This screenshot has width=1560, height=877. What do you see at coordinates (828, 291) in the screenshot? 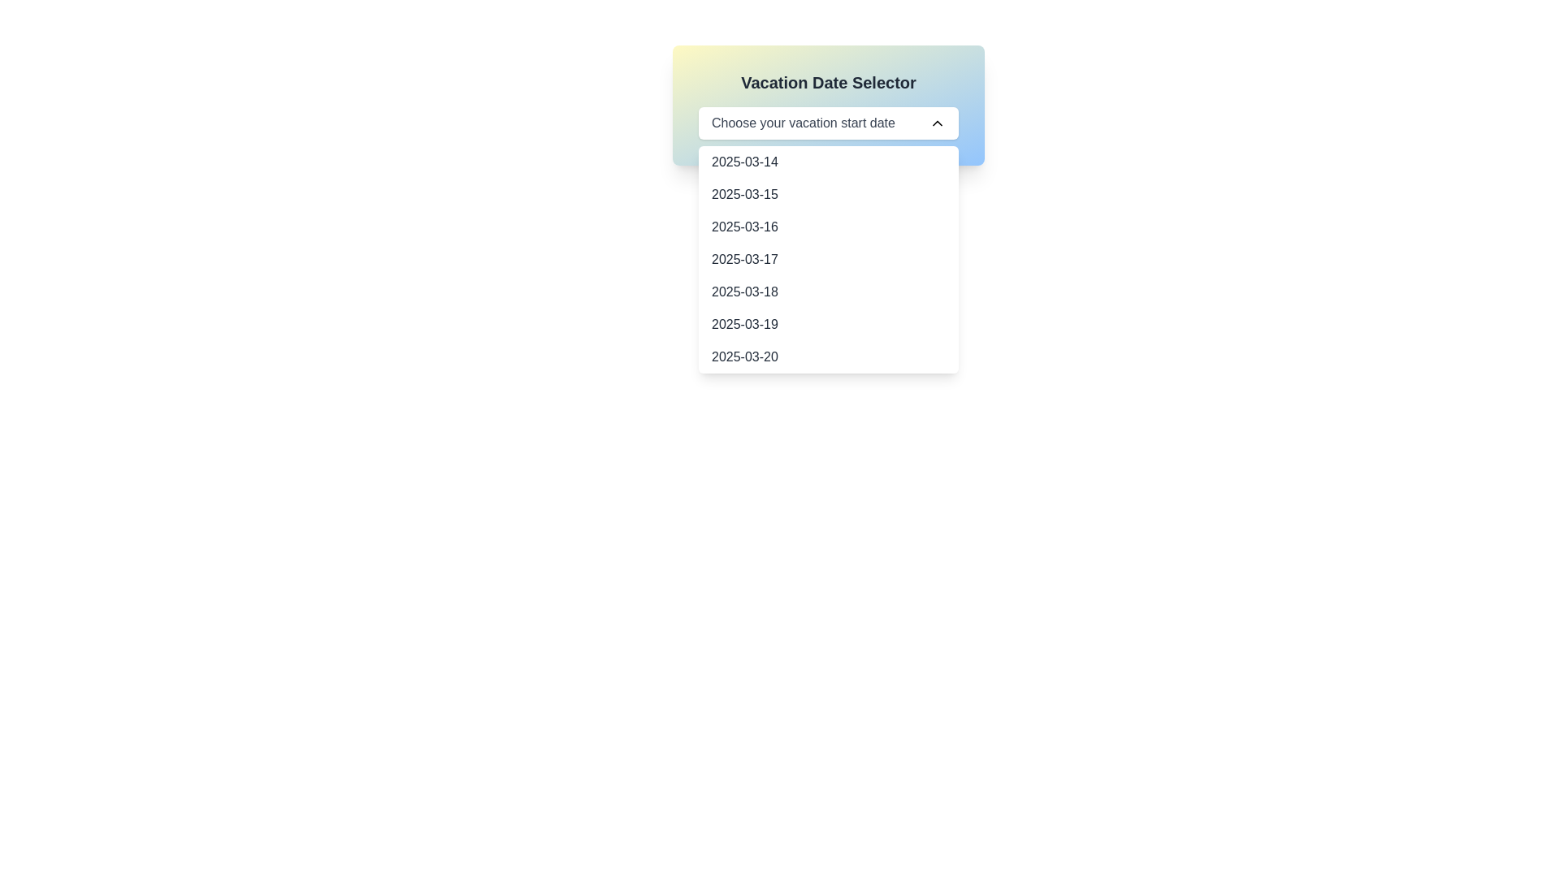
I see `the 5th selectable date in the dropdown menu for picking a vacation start date` at bounding box center [828, 291].